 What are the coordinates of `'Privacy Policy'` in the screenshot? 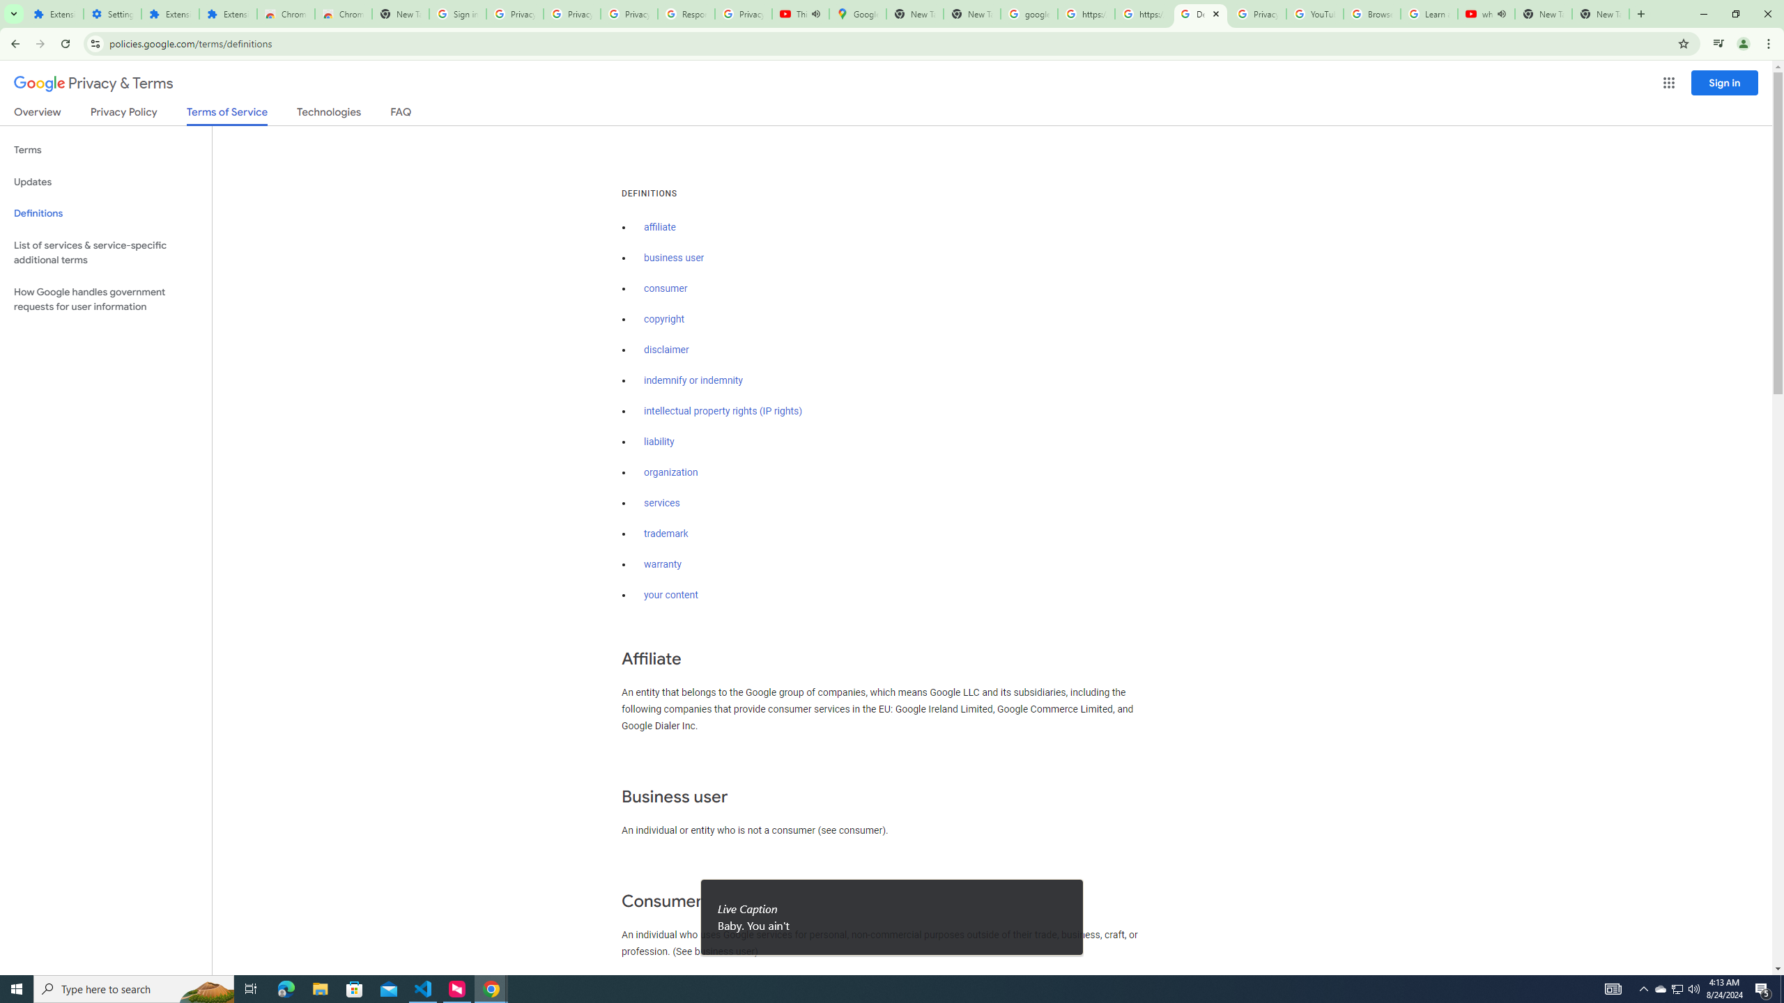 It's located at (122, 114).